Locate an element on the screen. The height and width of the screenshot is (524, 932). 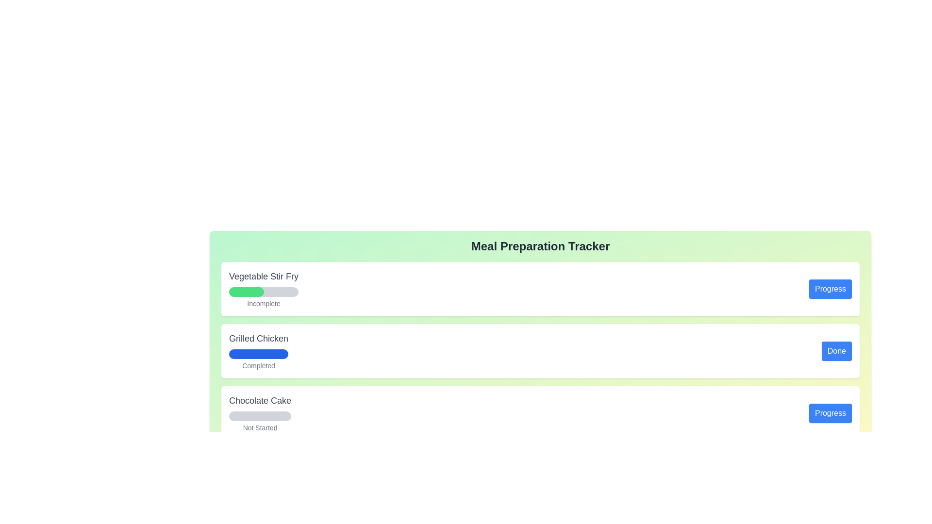
the progress bar indicating the completion of the 'Grilled Chicken' task, which visually represents the task's progress is located at coordinates (258, 354).